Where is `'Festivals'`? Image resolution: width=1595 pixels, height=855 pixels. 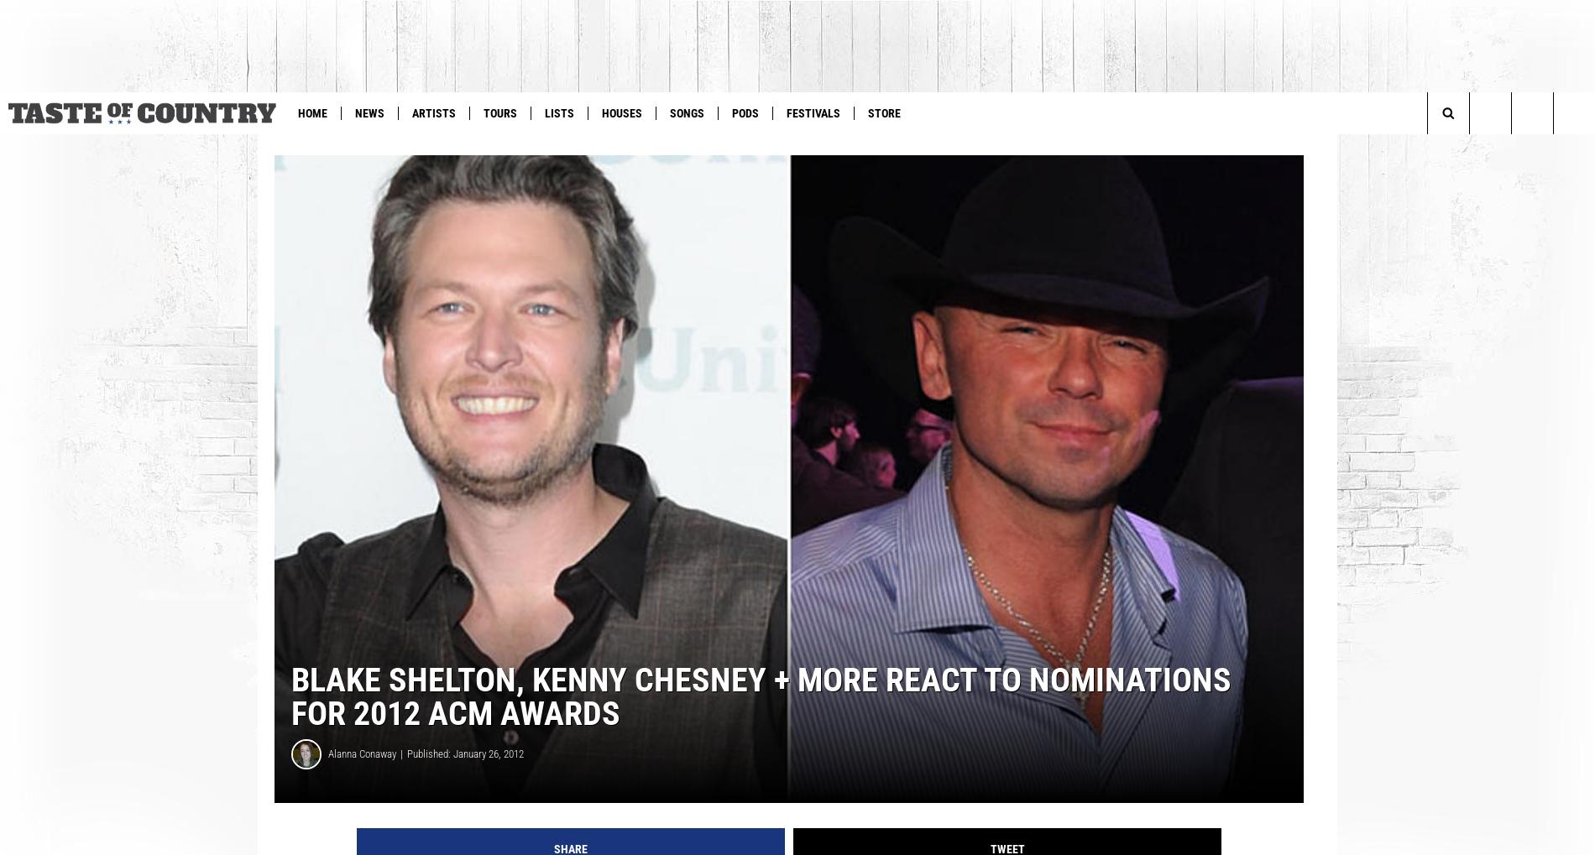
'Festivals' is located at coordinates (813, 112).